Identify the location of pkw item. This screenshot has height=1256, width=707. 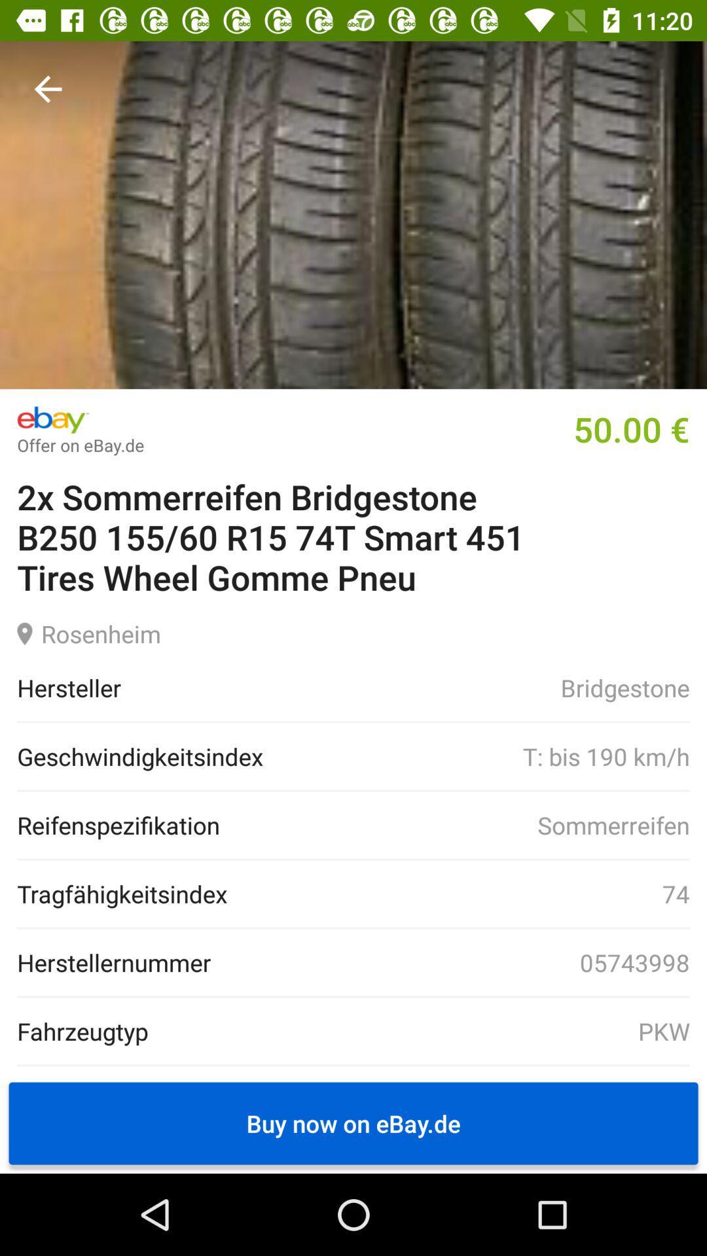
(419, 1030).